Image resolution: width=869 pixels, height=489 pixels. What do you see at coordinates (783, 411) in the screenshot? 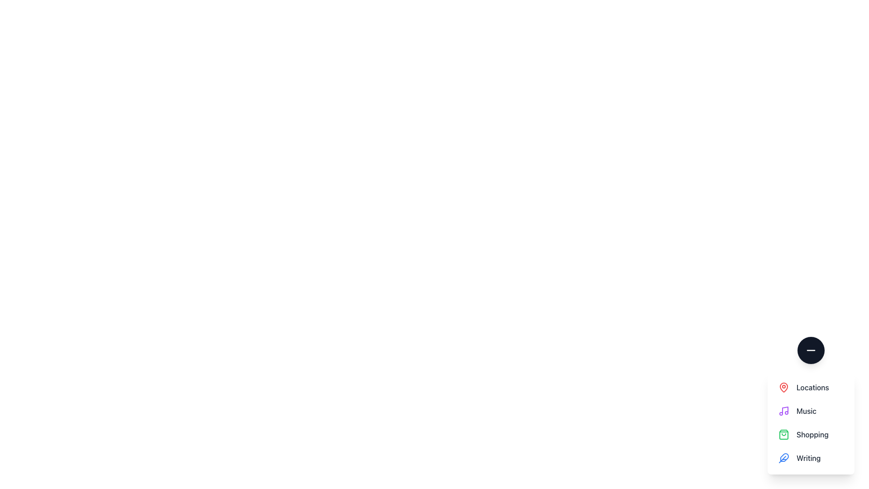
I see `the music note icon, which is a bright purple icon located in the second entry of the menu list, next to the 'Music' label` at bounding box center [783, 411].